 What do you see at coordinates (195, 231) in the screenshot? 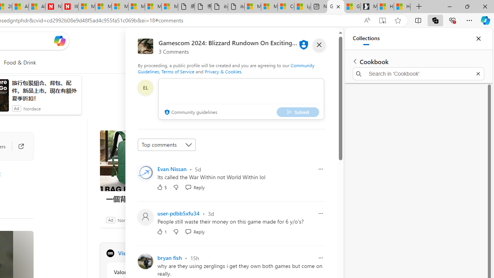
I see `'Reply Reply Comment'` at bounding box center [195, 231].